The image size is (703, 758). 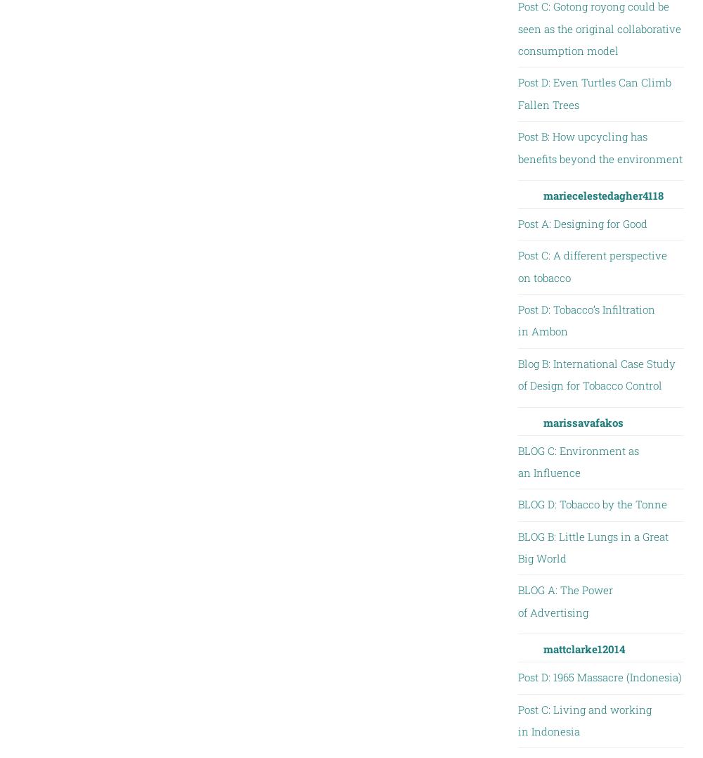 I want to click on 'Post B: How upcycling has benefits beyond the environment', so click(x=599, y=147).